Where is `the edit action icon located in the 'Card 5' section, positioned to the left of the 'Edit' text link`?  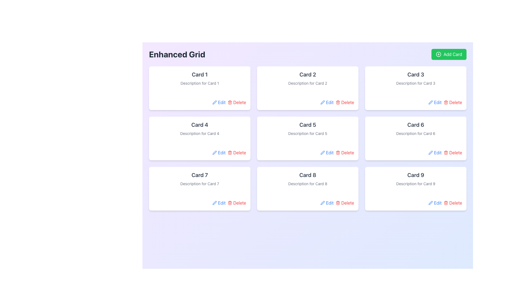 the edit action icon located in the 'Card 5' section, positioned to the left of the 'Edit' text link is located at coordinates (323, 153).